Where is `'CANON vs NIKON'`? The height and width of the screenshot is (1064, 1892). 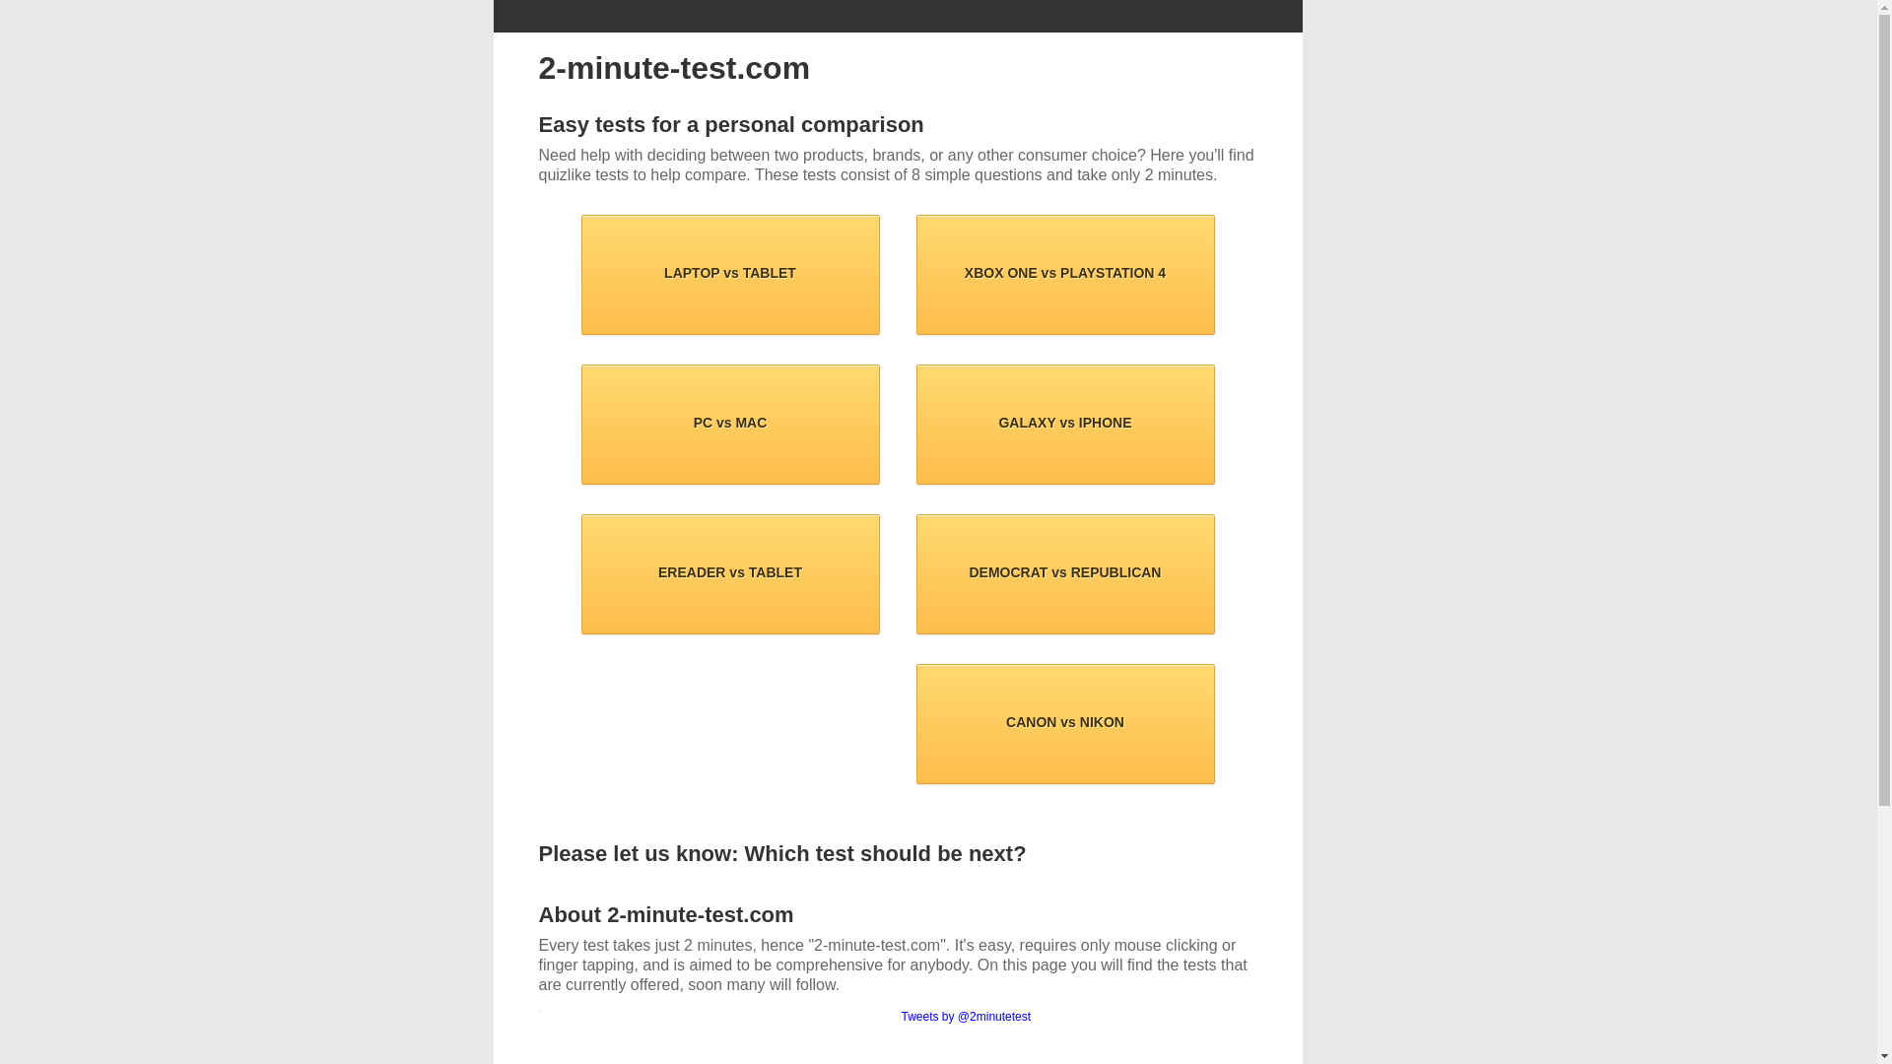 'CANON vs NIKON' is located at coordinates (1064, 724).